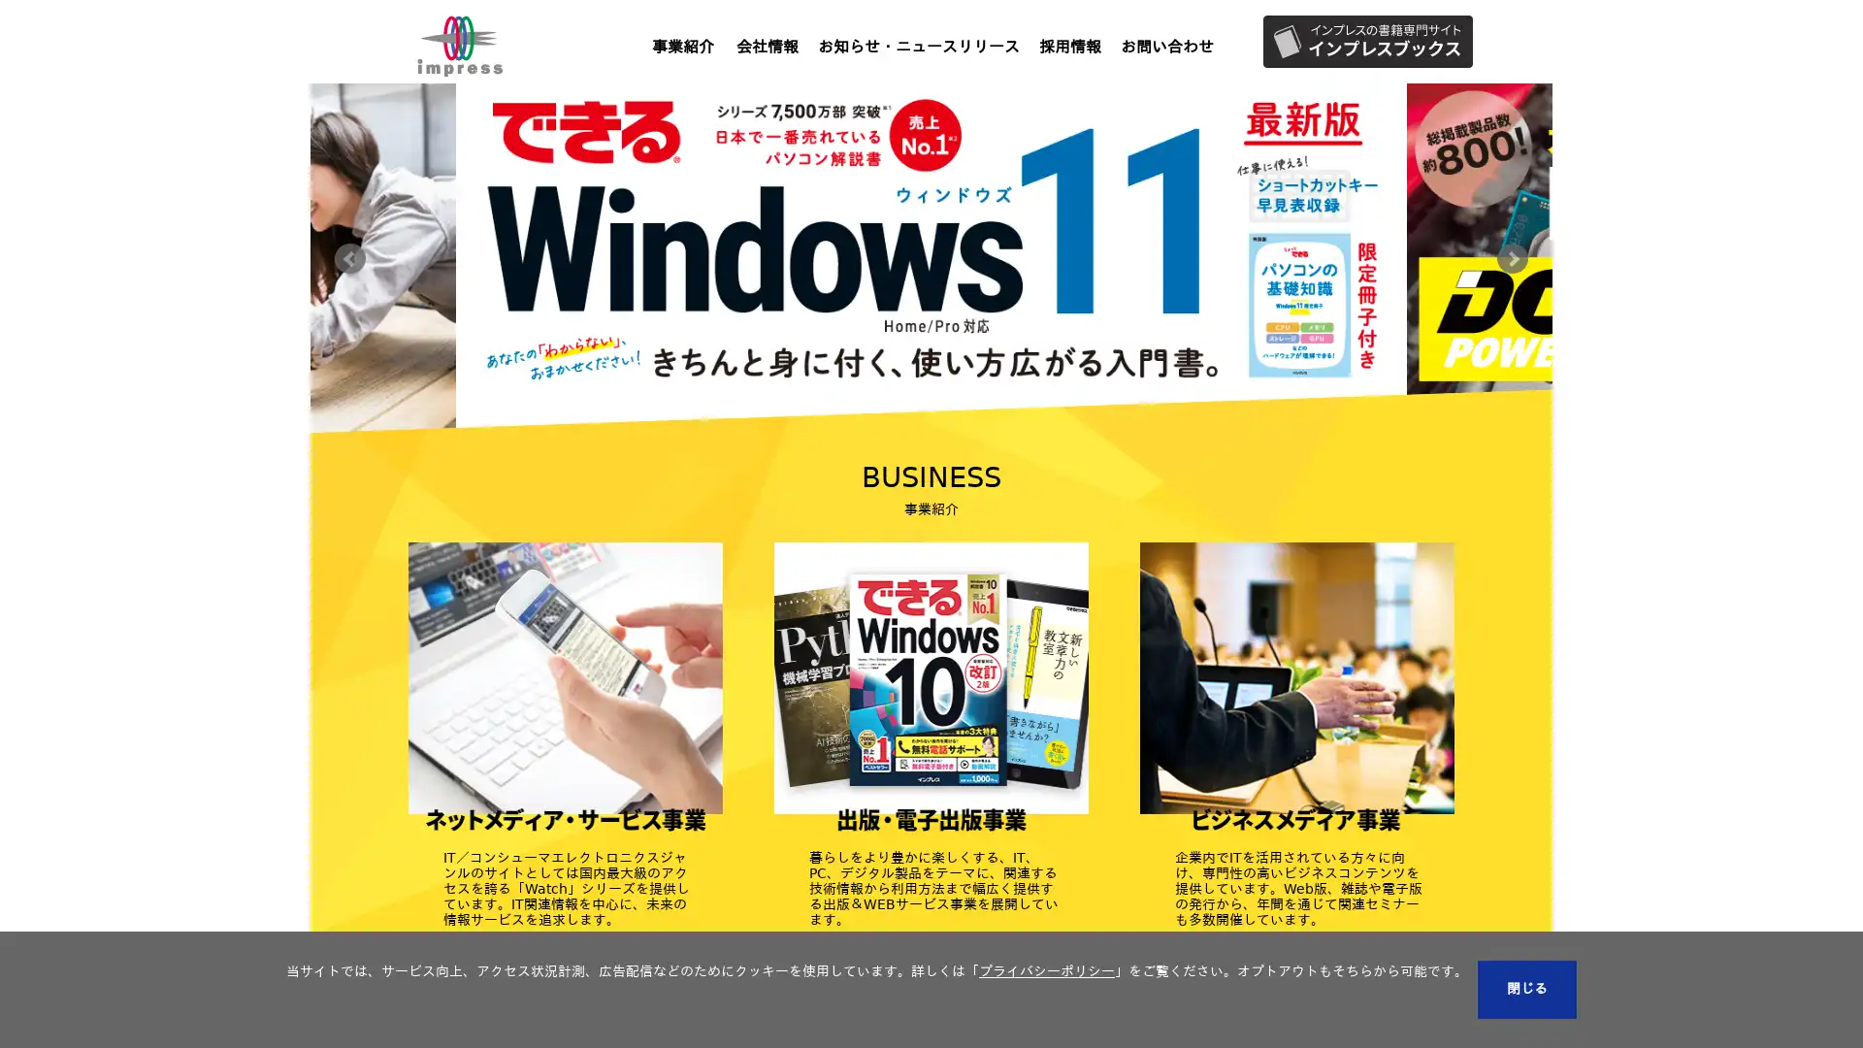  I want to click on a 5, so click(989, 448).